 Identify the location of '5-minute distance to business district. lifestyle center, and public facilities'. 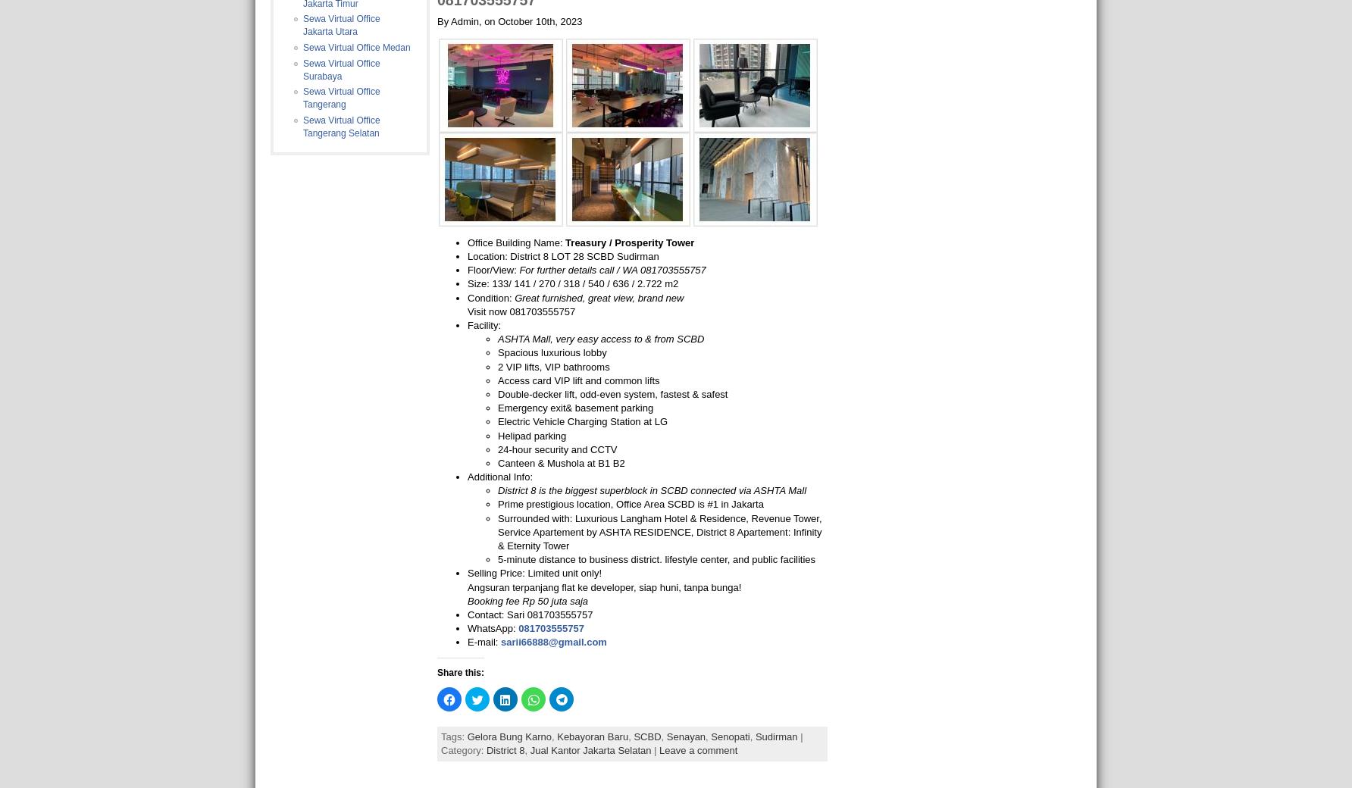
(656, 559).